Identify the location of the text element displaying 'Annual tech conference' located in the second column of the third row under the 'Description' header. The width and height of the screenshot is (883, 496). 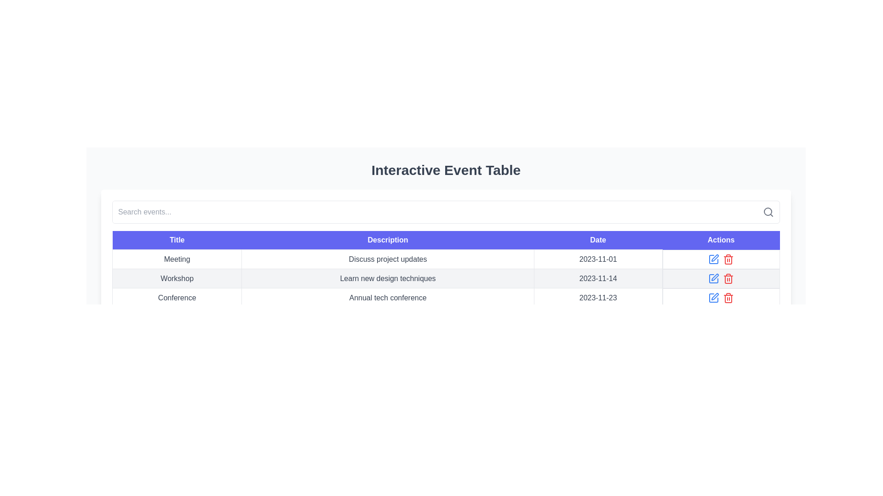
(388, 298).